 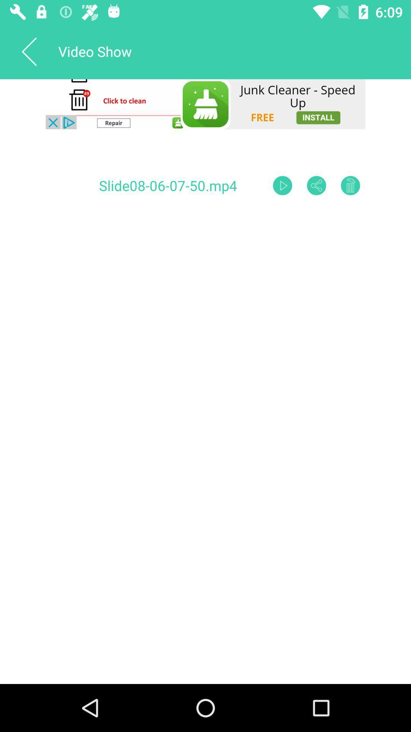 What do you see at coordinates (29, 51) in the screenshot?
I see `go back` at bounding box center [29, 51].